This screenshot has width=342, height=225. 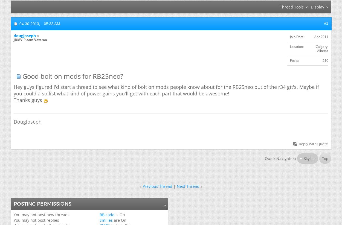 What do you see at coordinates (53, 214) in the screenshot?
I see `'post new threads'` at bounding box center [53, 214].